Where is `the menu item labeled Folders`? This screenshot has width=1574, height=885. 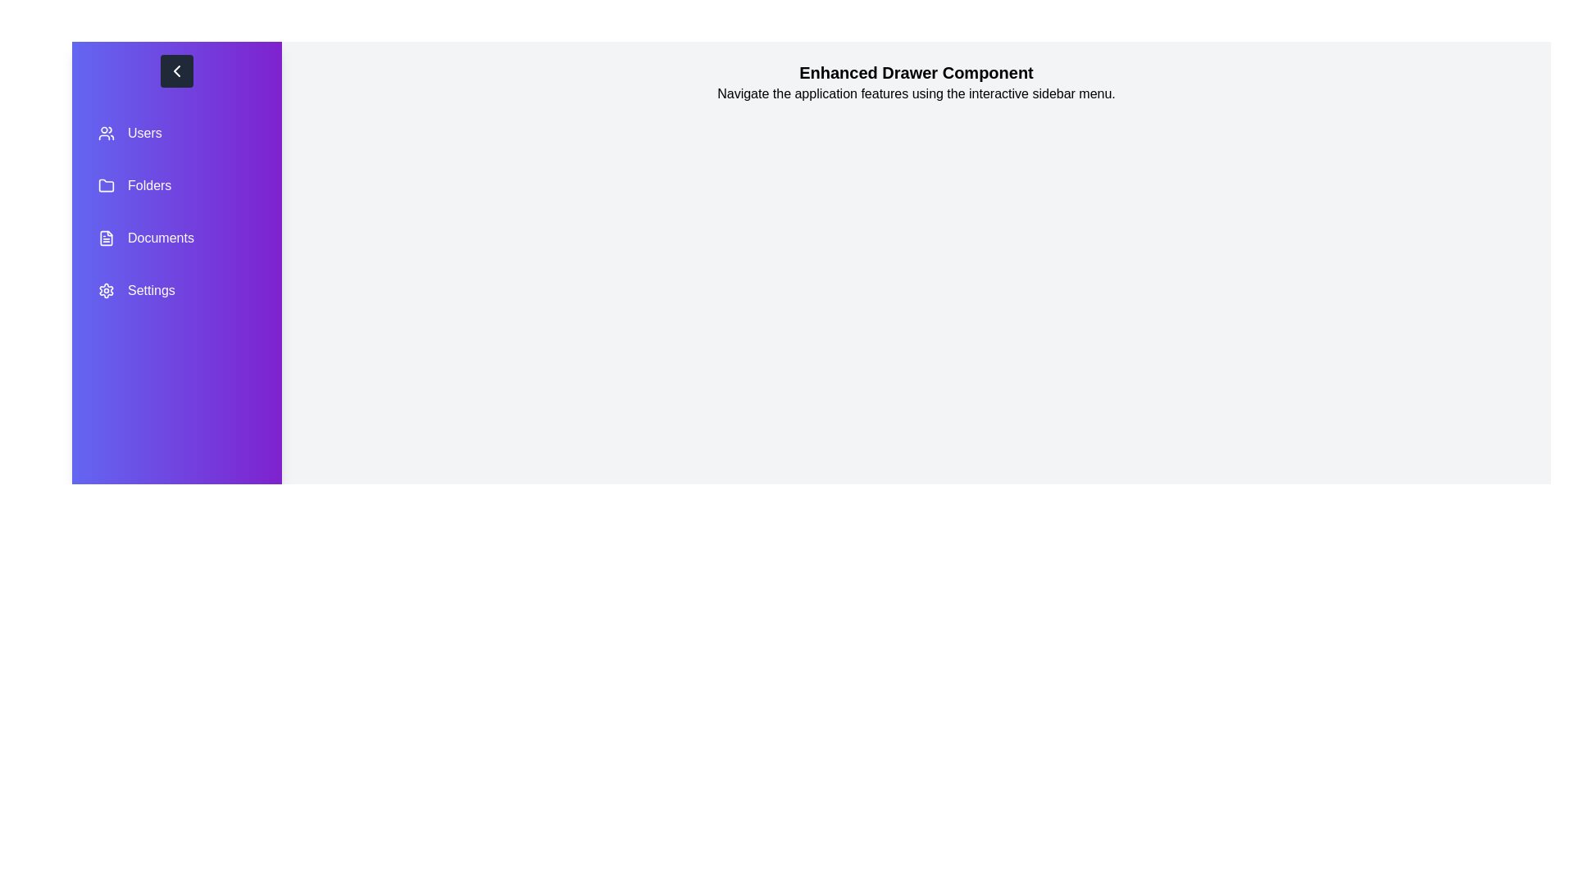
the menu item labeled Folders is located at coordinates (177, 185).